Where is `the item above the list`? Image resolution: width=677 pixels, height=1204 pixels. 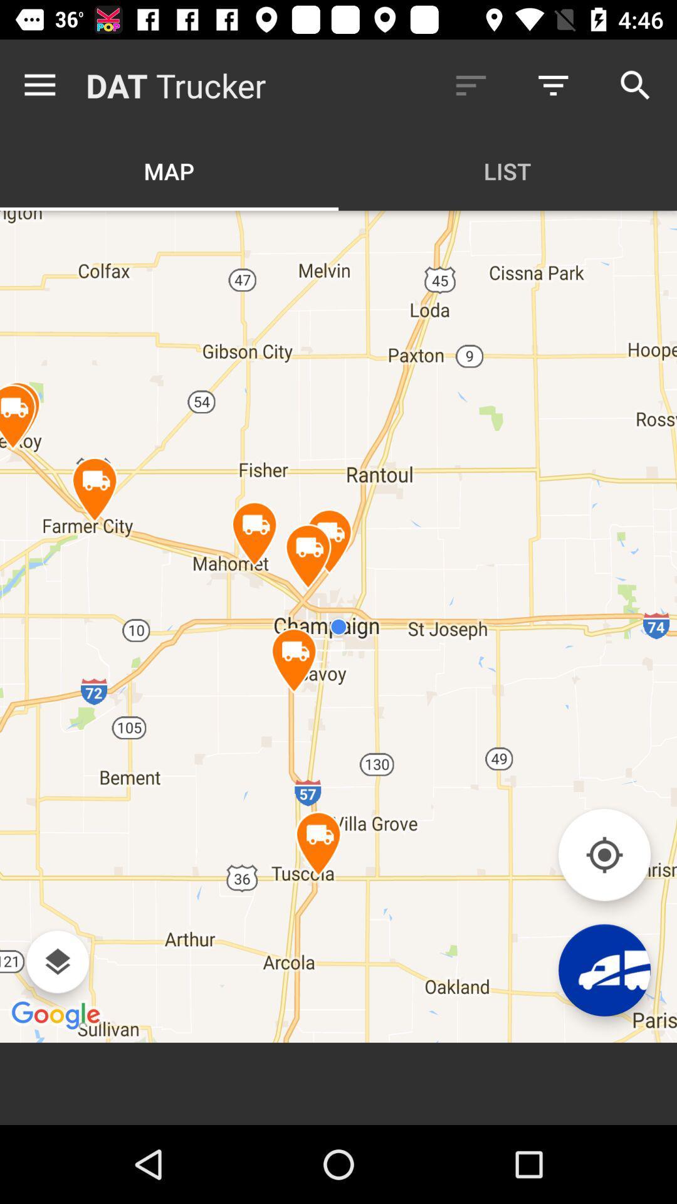
the item above the list is located at coordinates (471, 85).